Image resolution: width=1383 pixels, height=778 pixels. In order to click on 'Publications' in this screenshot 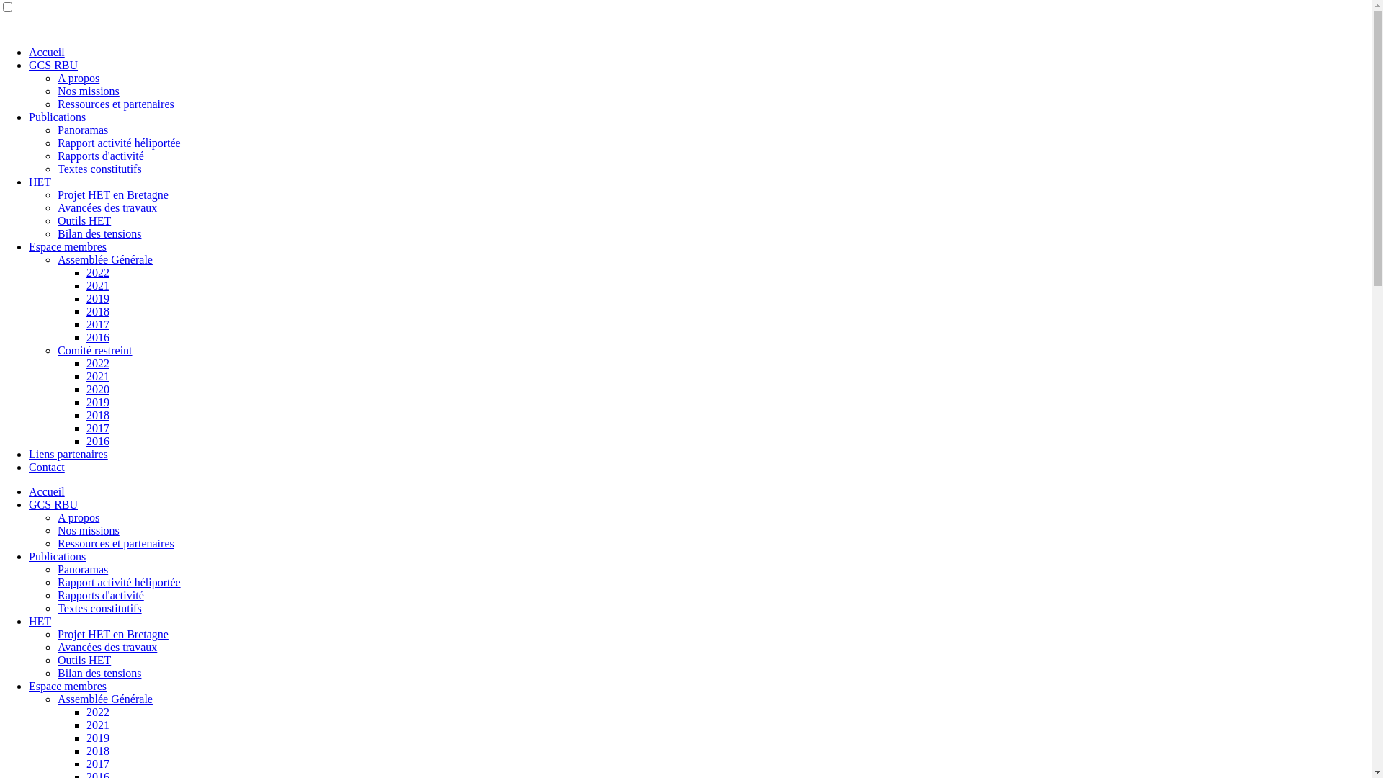, I will do `click(57, 555)`.